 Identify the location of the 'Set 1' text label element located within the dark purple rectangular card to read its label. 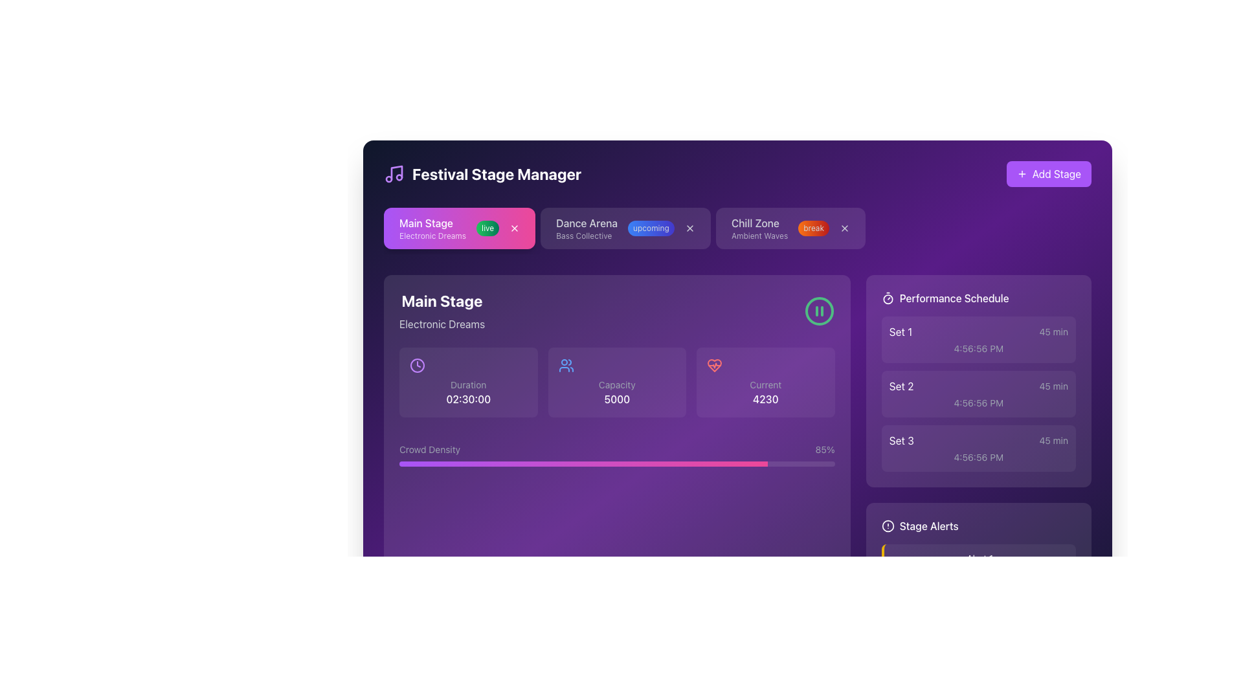
(900, 331).